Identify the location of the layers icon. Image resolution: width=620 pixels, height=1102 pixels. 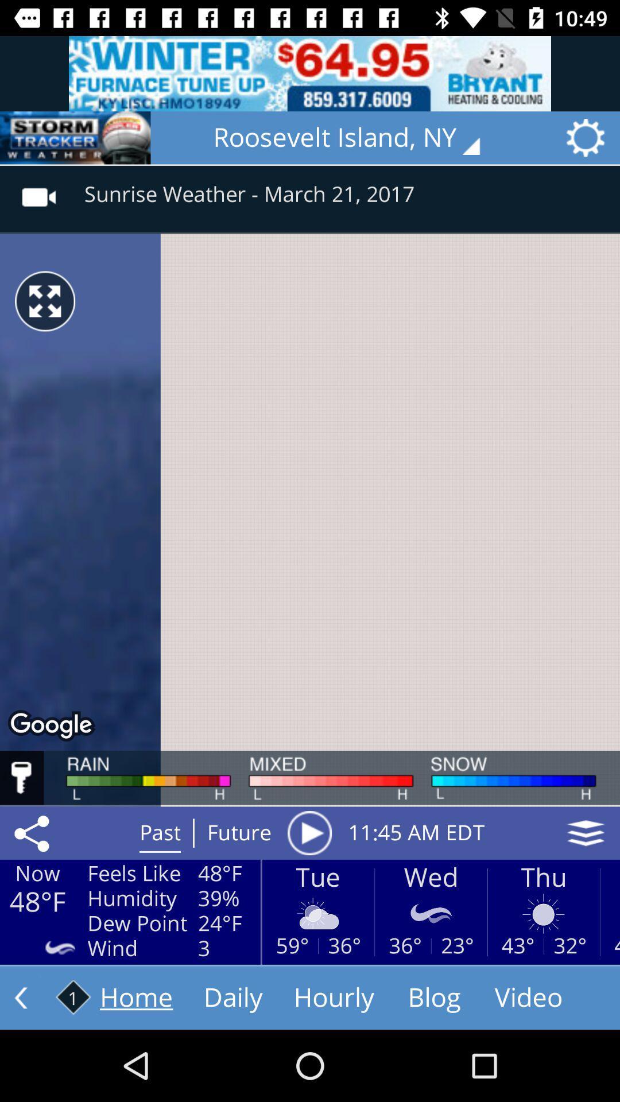
(586, 833).